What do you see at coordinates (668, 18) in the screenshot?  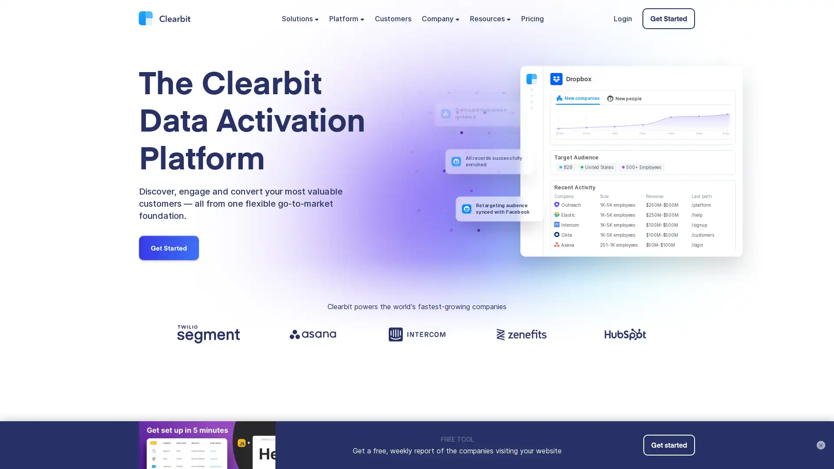 I see `Get Started` at bounding box center [668, 18].